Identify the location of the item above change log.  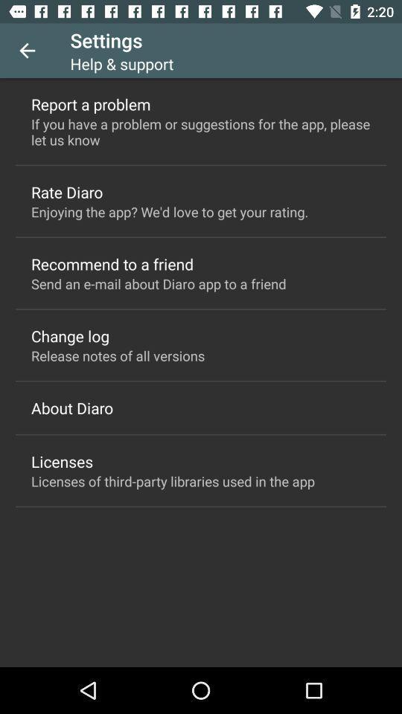
(158, 283).